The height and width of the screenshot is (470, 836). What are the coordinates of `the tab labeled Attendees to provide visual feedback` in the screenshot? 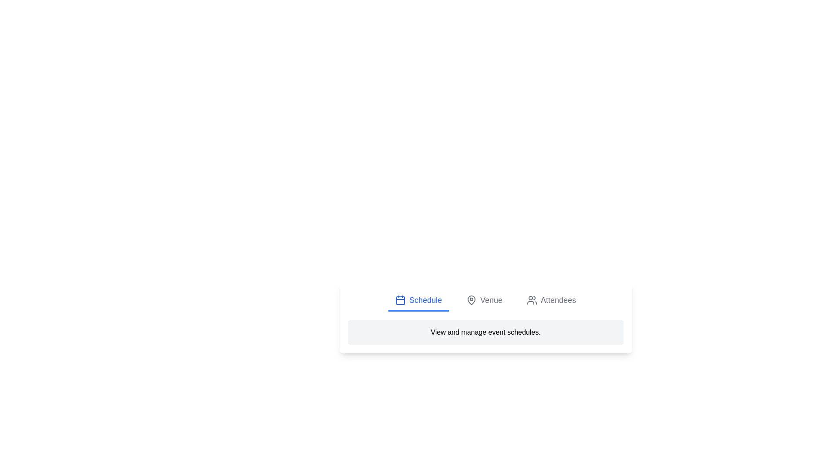 It's located at (551, 300).